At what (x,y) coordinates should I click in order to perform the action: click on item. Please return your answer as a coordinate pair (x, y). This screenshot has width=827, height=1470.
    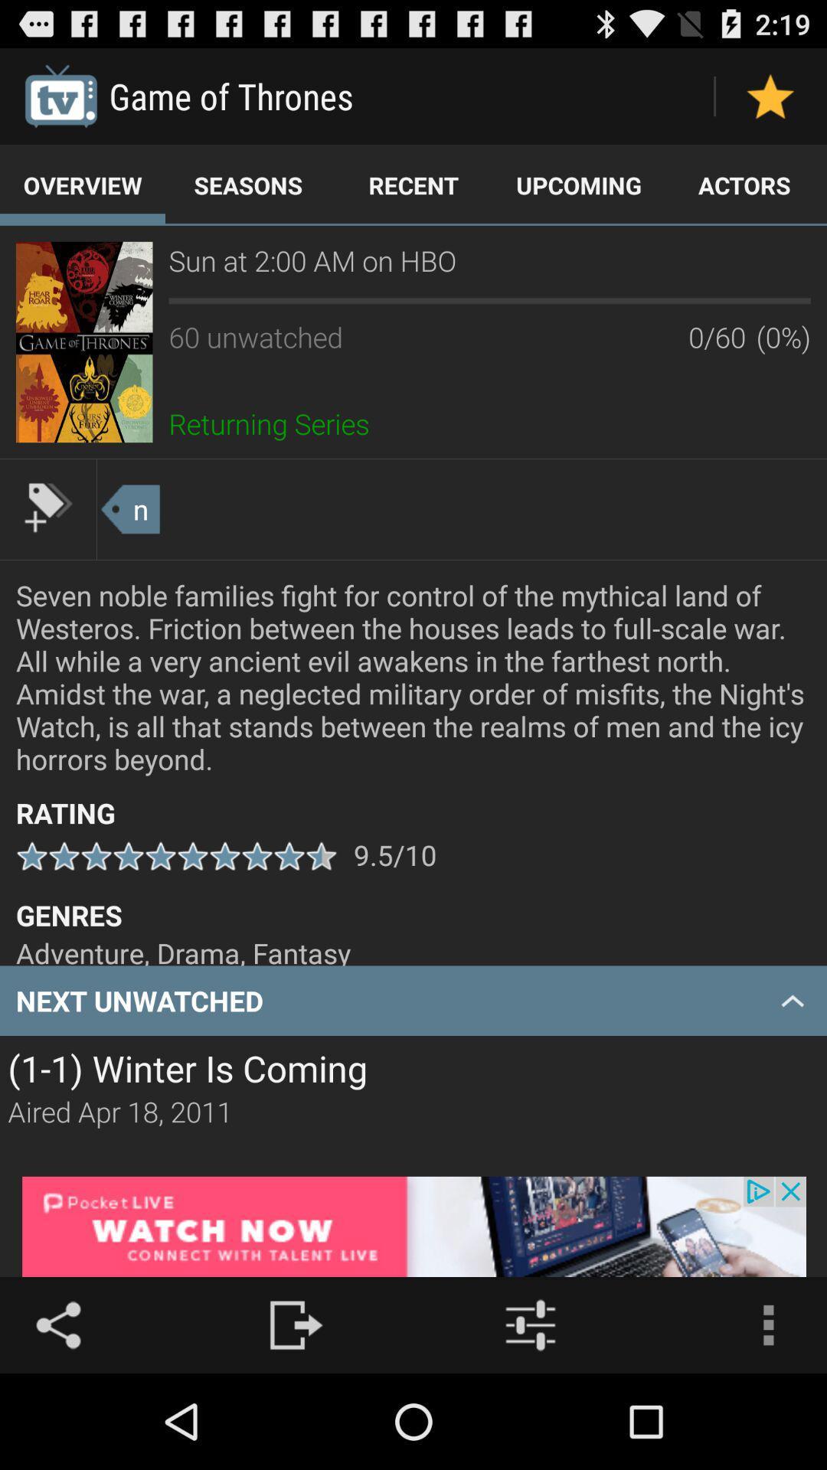
    Looking at the image, I should click on (47, 507).